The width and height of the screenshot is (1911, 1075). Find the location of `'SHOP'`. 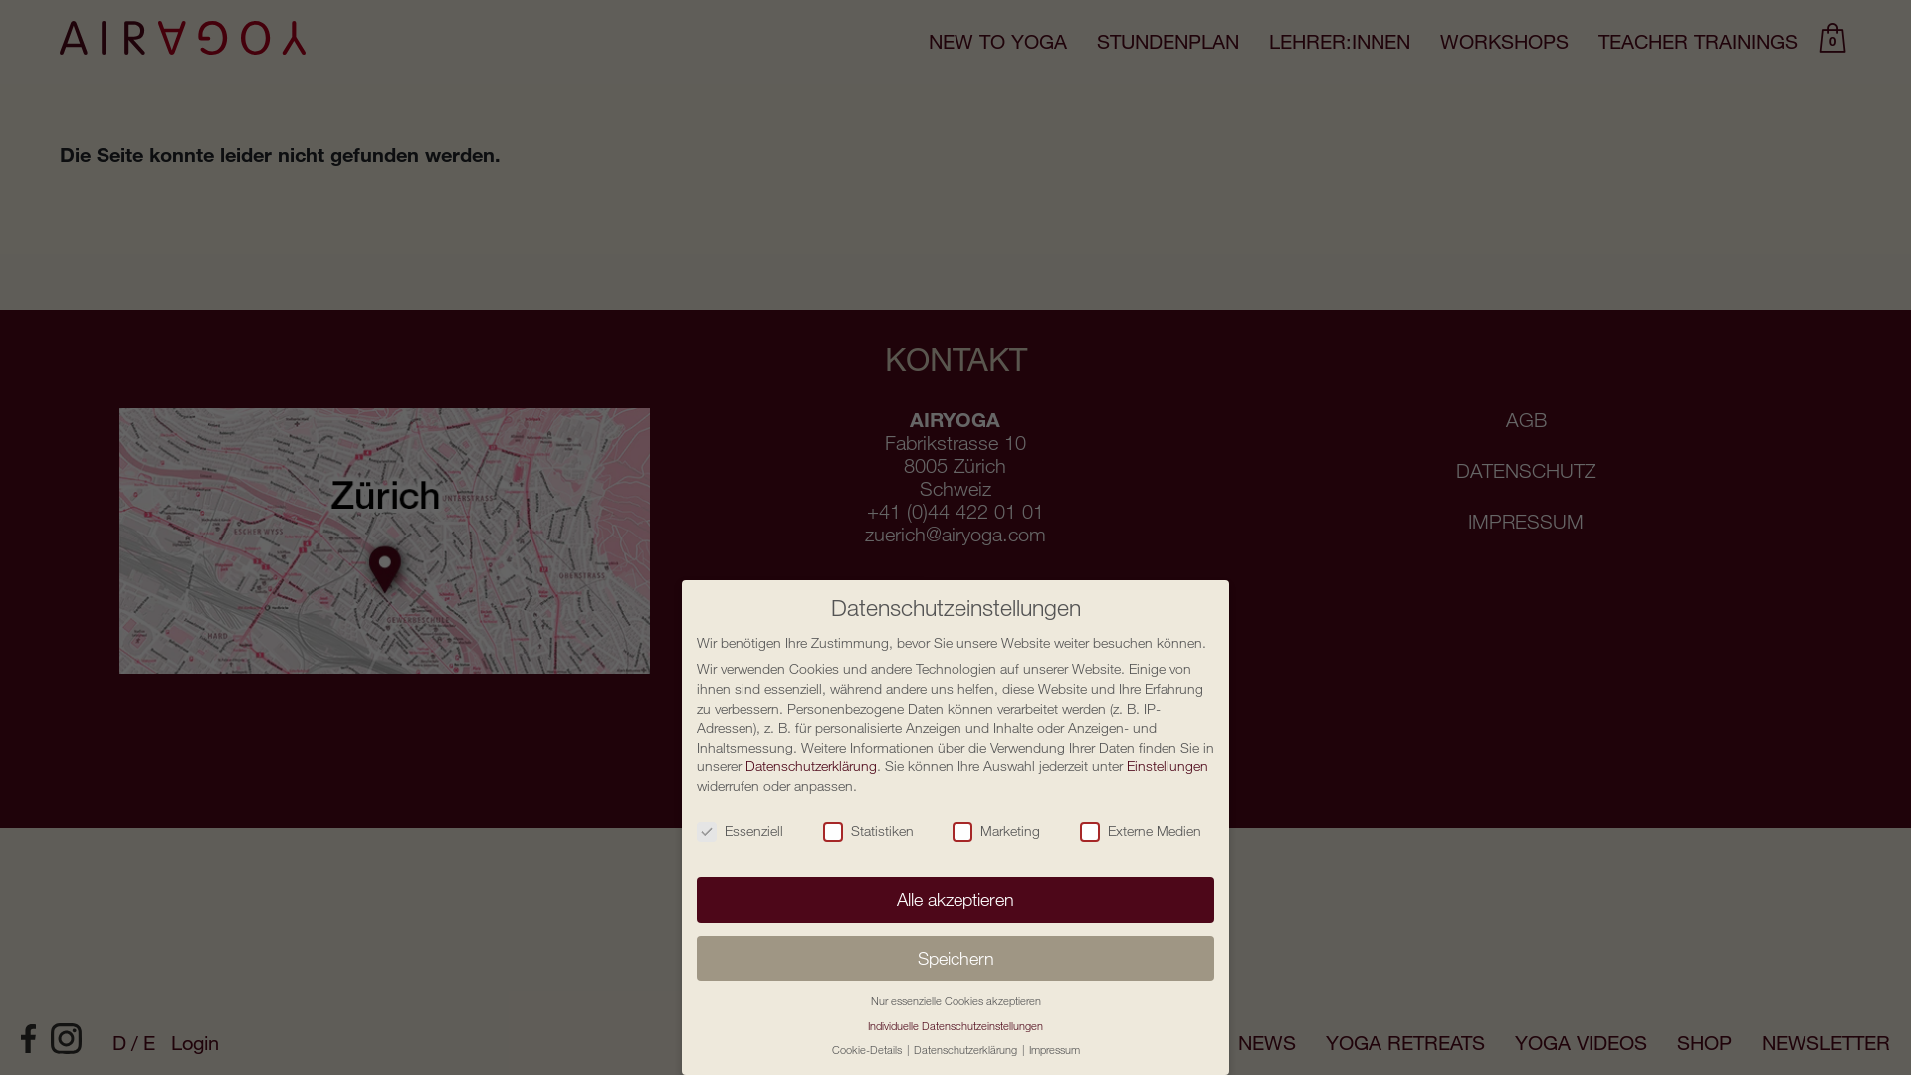

'SHOP' is located at coordinates (1675, 1041).